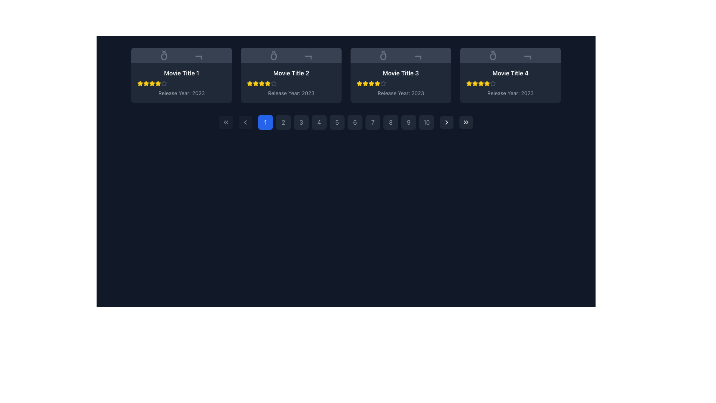  What do you see at coordinates (465, 122) in the screenshot?
I see `the pagination control button located at the far right of the pagination controls` at bounding box center [465, 122].